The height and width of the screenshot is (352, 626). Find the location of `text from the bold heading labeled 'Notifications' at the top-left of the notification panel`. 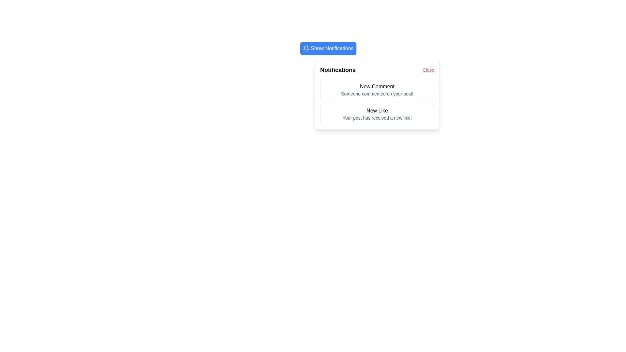

text from the bold heading labeled 'Notifications' at the top-left of the notification panel is located at coordinates (338, 70).